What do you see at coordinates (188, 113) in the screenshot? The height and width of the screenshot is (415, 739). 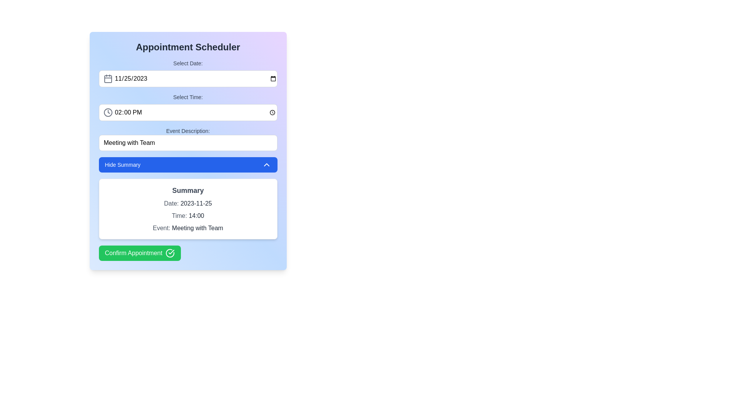 I see `the Time input field displaying '02:00 PM' by tabbing to it` at bounding box center [188, 113].